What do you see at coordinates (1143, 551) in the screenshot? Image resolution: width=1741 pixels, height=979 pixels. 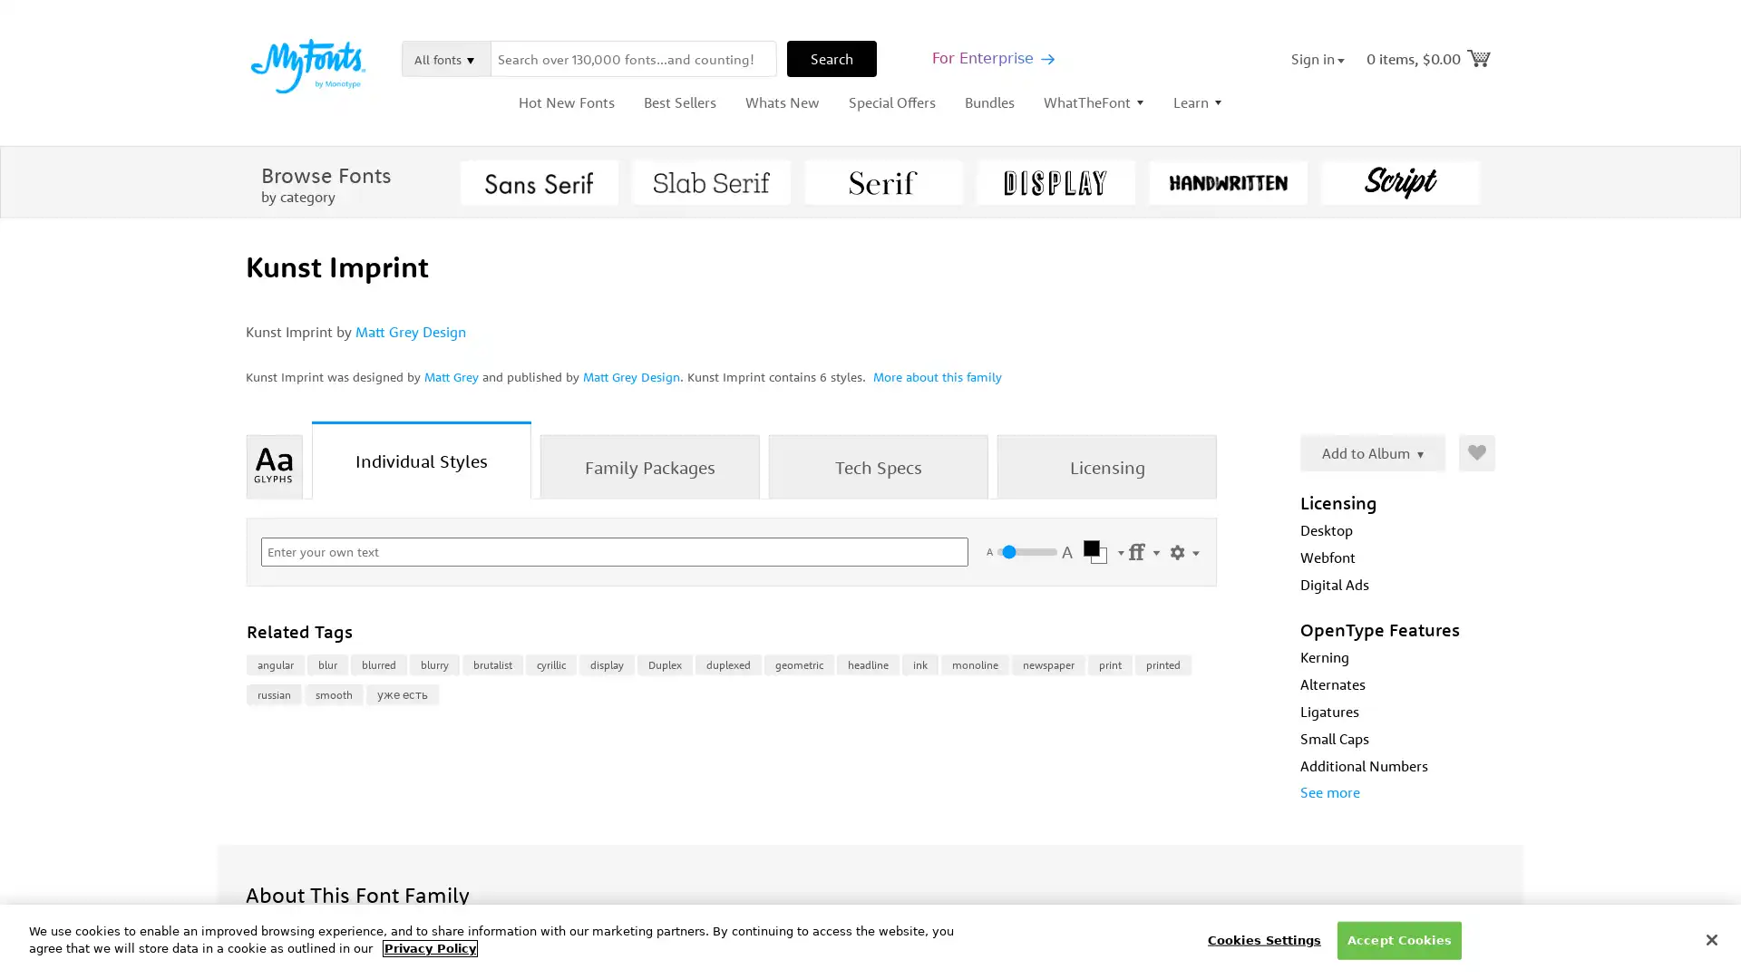 I see `Settings Menu` at bounding box center [1143, 551].